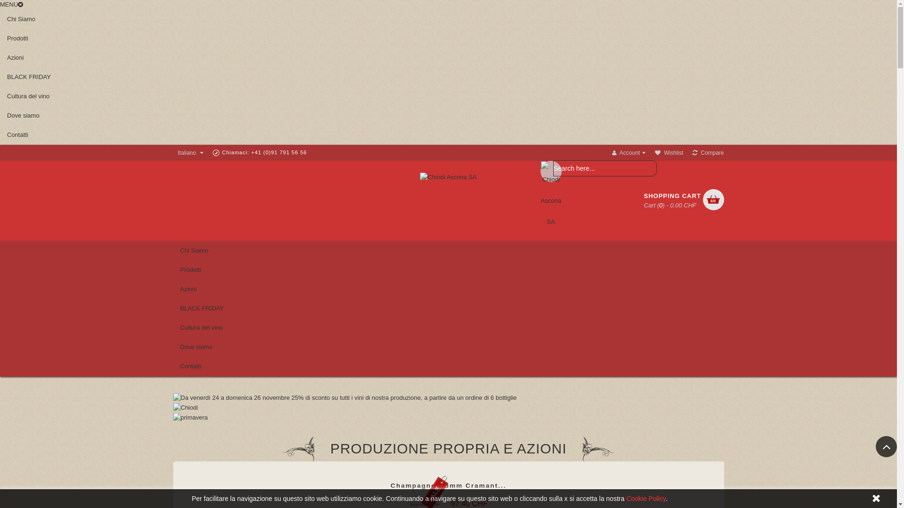 The width and height of the screenshot is (904, 508). What do you see at coordinates (629, 152) in the screenshot?
I see `'Account'` at bounding box center [629, 152].